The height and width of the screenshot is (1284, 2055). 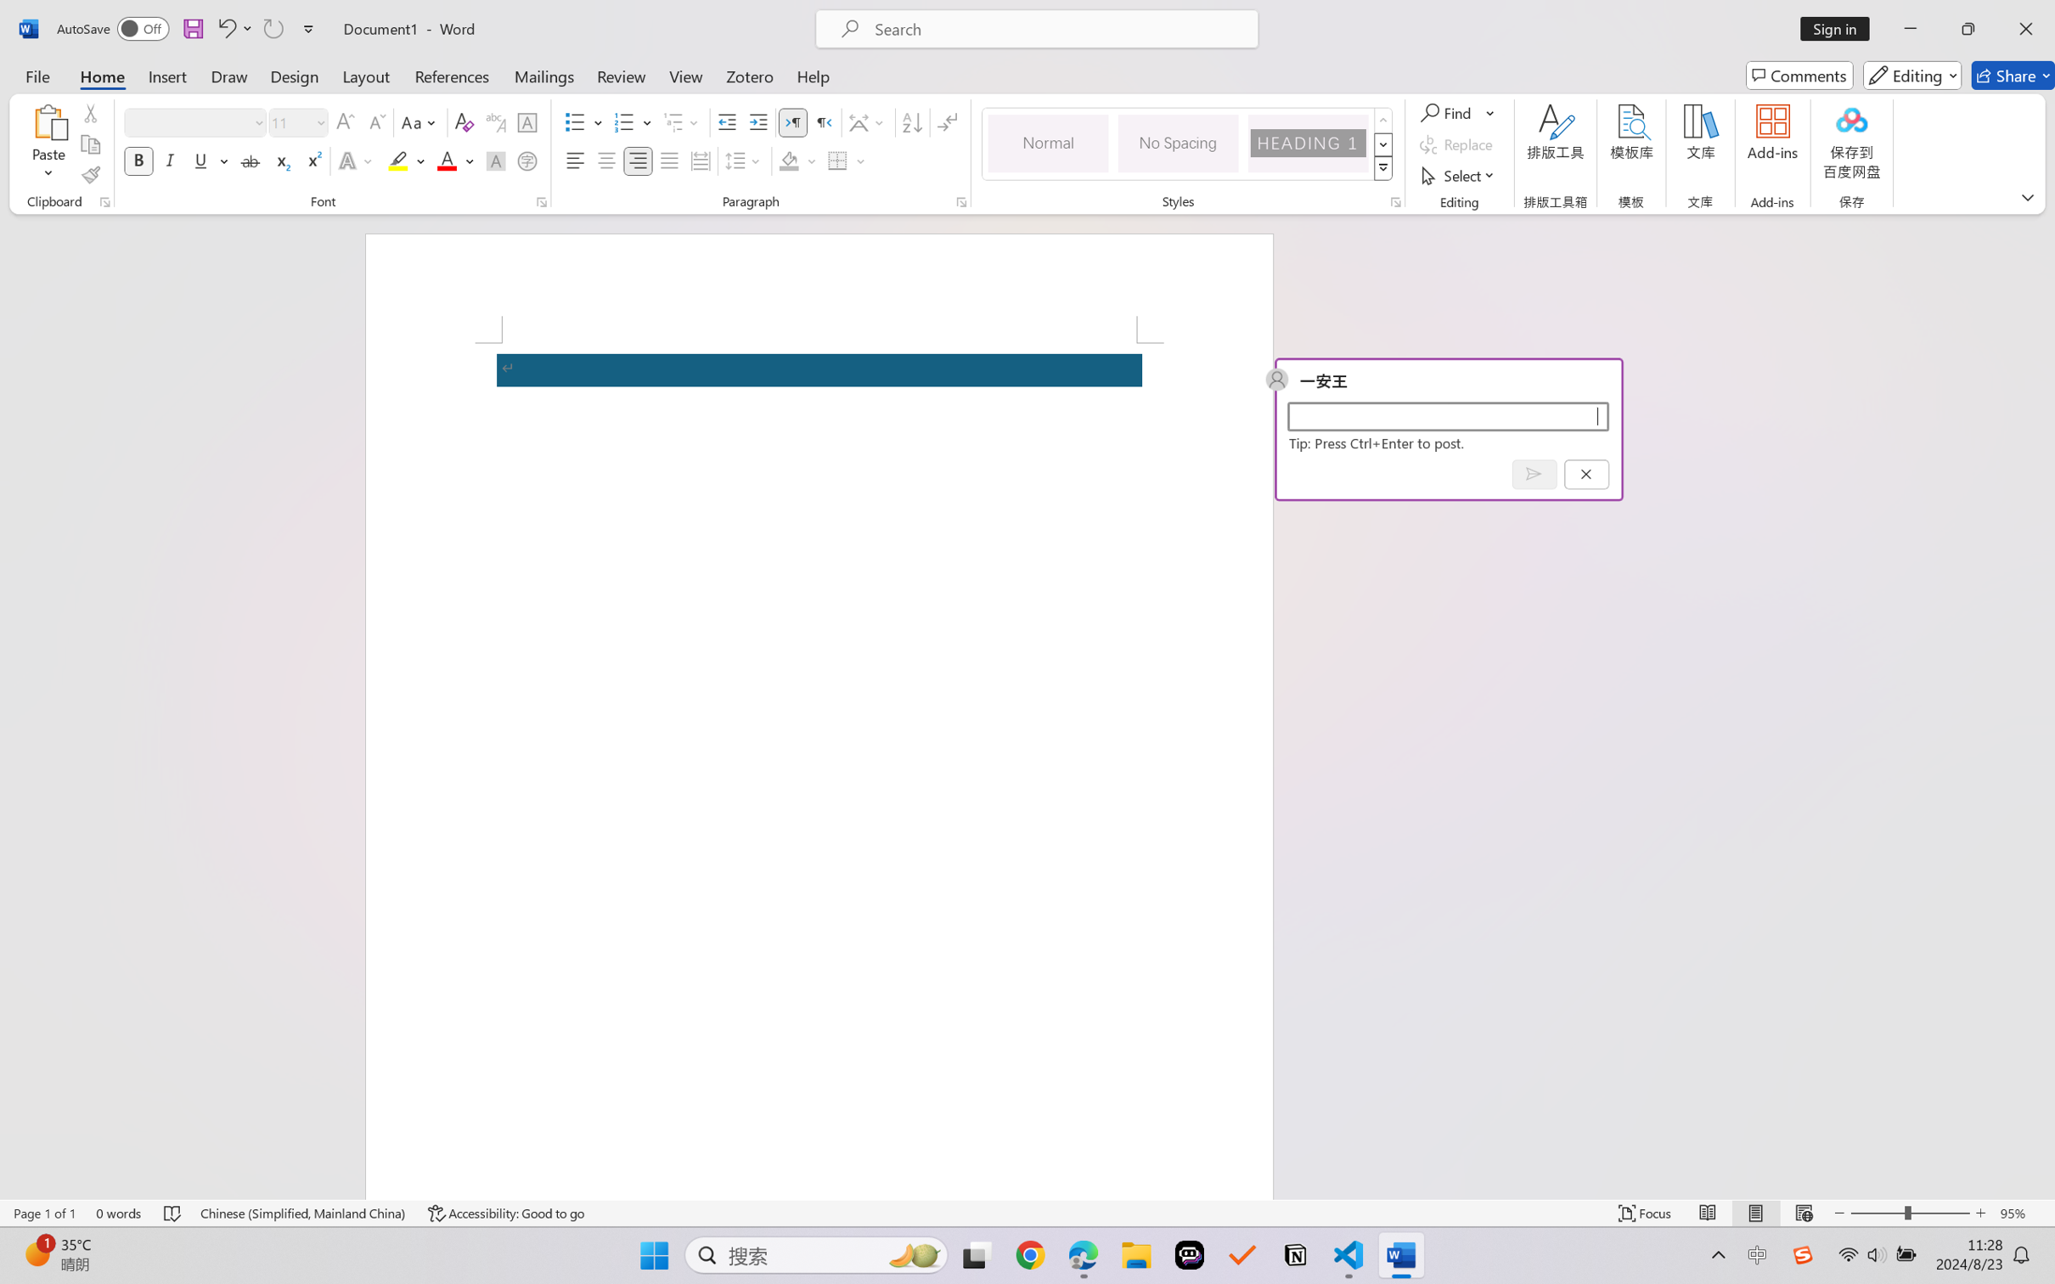 I want to click on 'Undo', so click(x=225, y=28).